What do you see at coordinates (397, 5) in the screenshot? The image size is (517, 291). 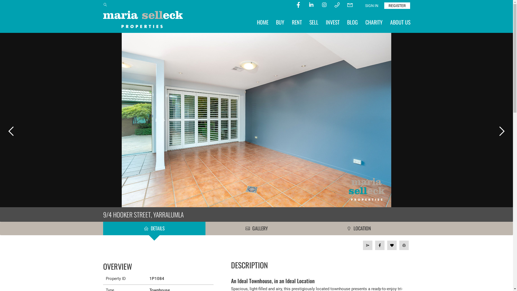 I see `'REGISTER'` at bounding box center [397, 5].